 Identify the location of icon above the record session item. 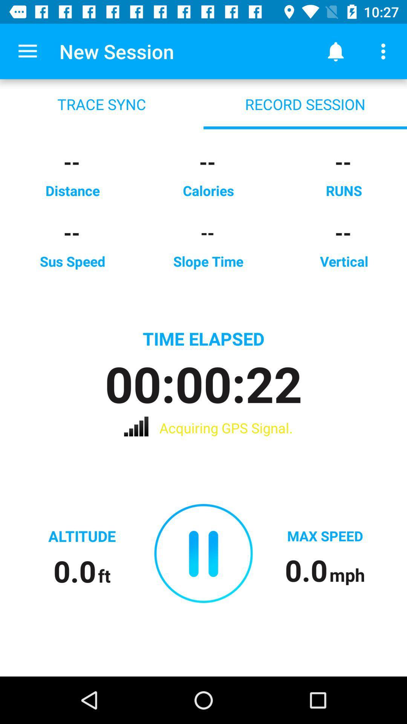
(335, 51).